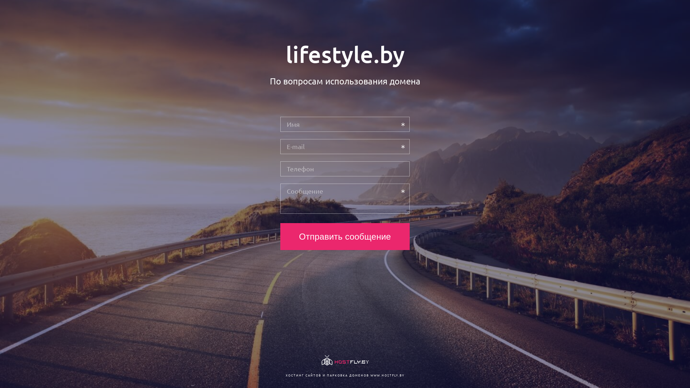 The image size is (690, 388). Describe the element at coordinates (387, 375) in the screenshot. I see `'WWW.HOSTFLY.BY'` at that location.